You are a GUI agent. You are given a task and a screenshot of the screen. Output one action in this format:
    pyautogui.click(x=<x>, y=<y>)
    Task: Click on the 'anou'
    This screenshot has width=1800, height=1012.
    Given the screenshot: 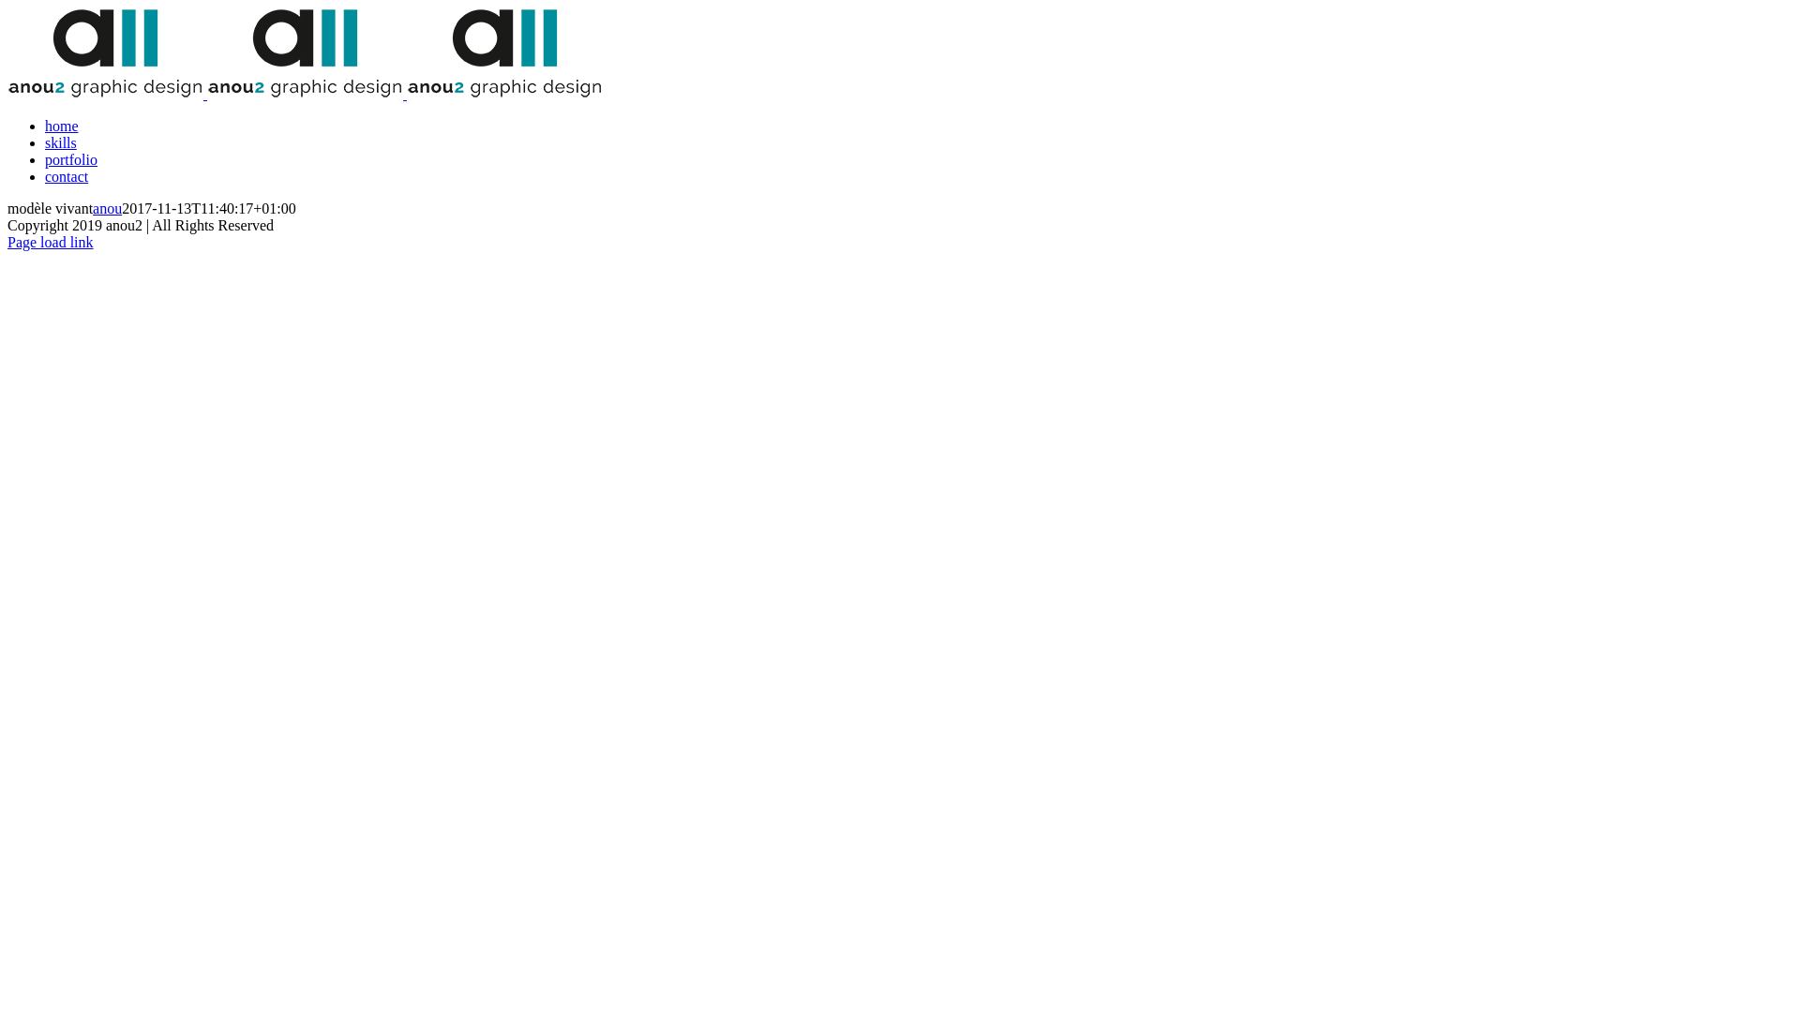 What is the action you would take?
    pyautogui.click(x=106, y=208)
    